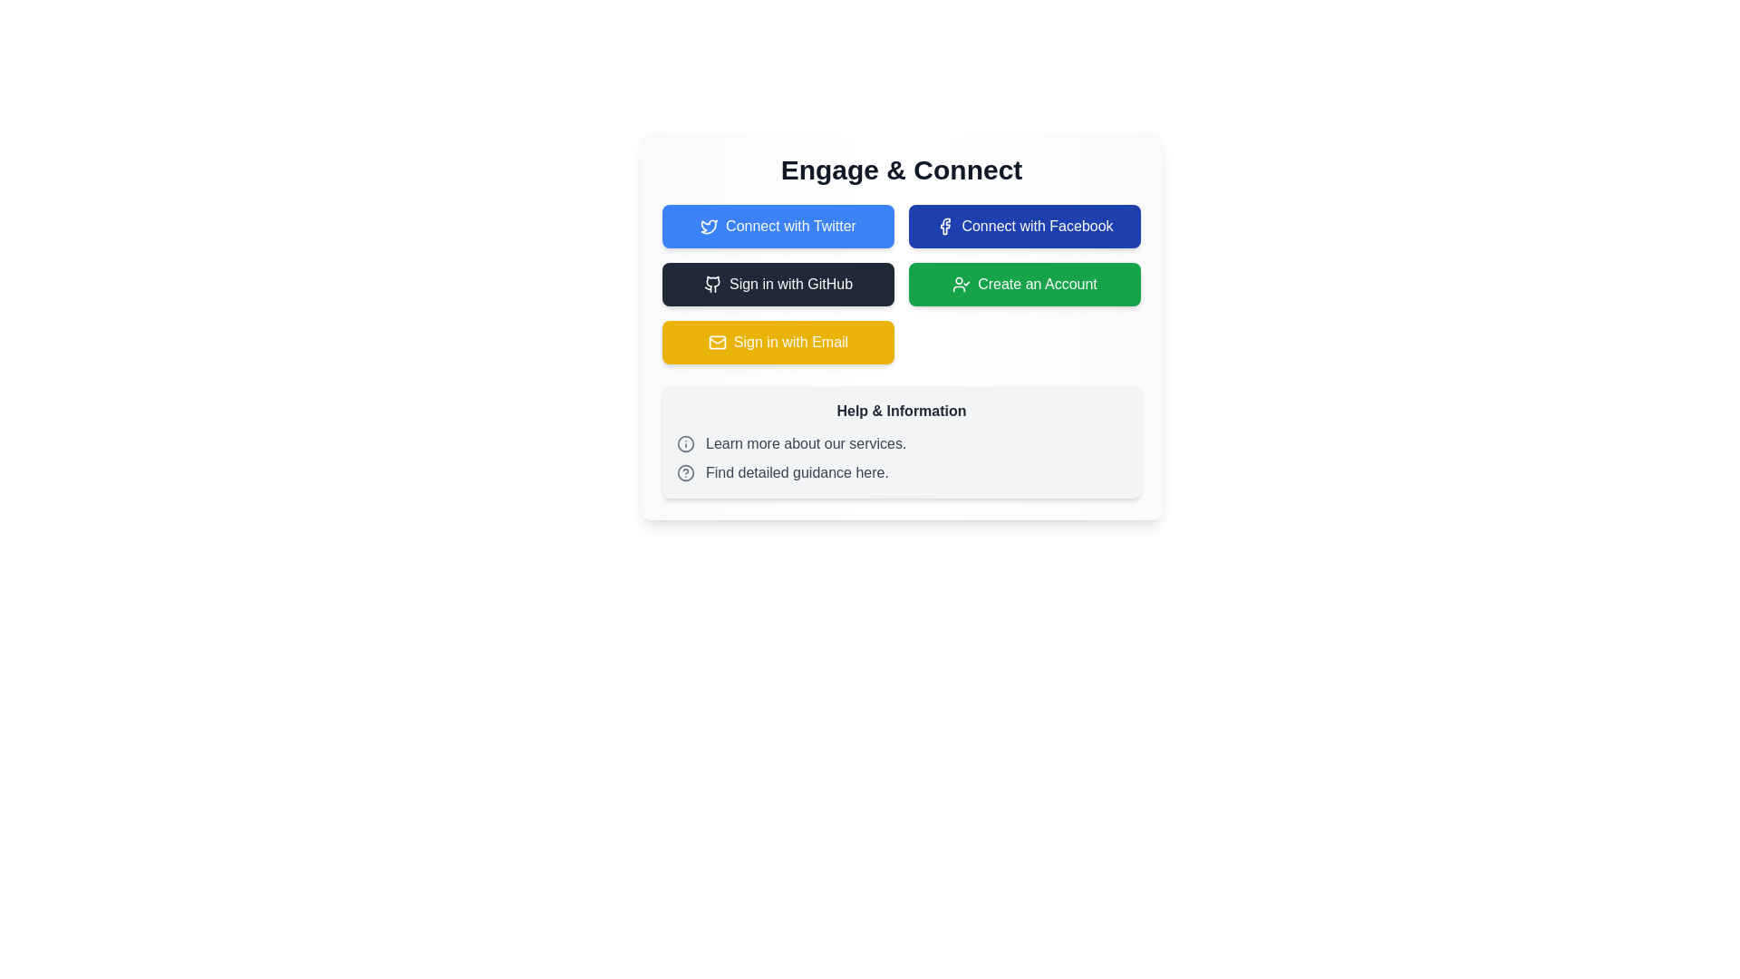  I want to click on the SVG circle element that is part of the help icon located in the 'Help & Information' section below the main content buttons, so click(685, 471).